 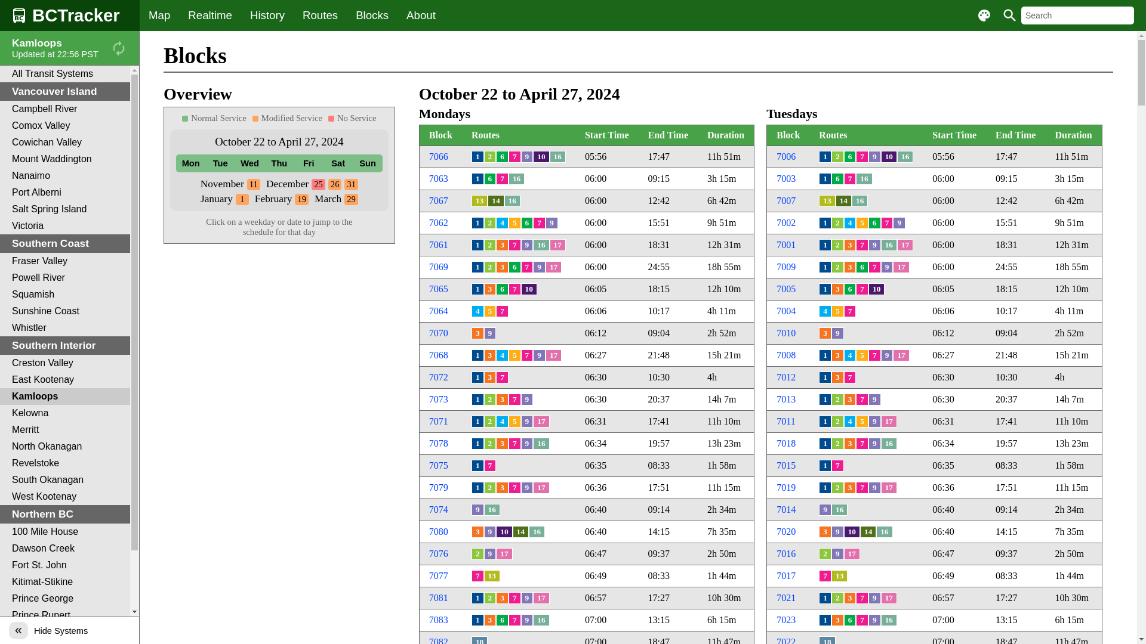 I want to click on '7', so click(x=868, y=266).